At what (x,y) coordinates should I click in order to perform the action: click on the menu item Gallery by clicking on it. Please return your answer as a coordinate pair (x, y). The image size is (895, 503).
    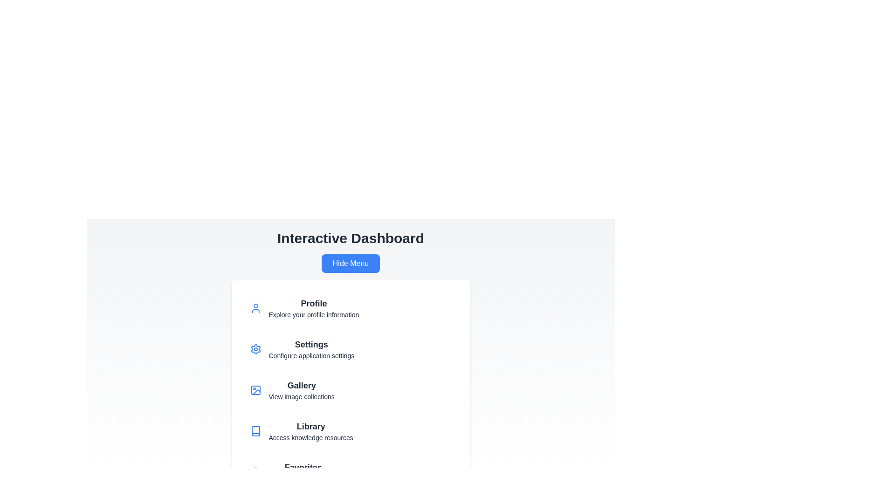
    Looking at the image, I should click on (350, 390).